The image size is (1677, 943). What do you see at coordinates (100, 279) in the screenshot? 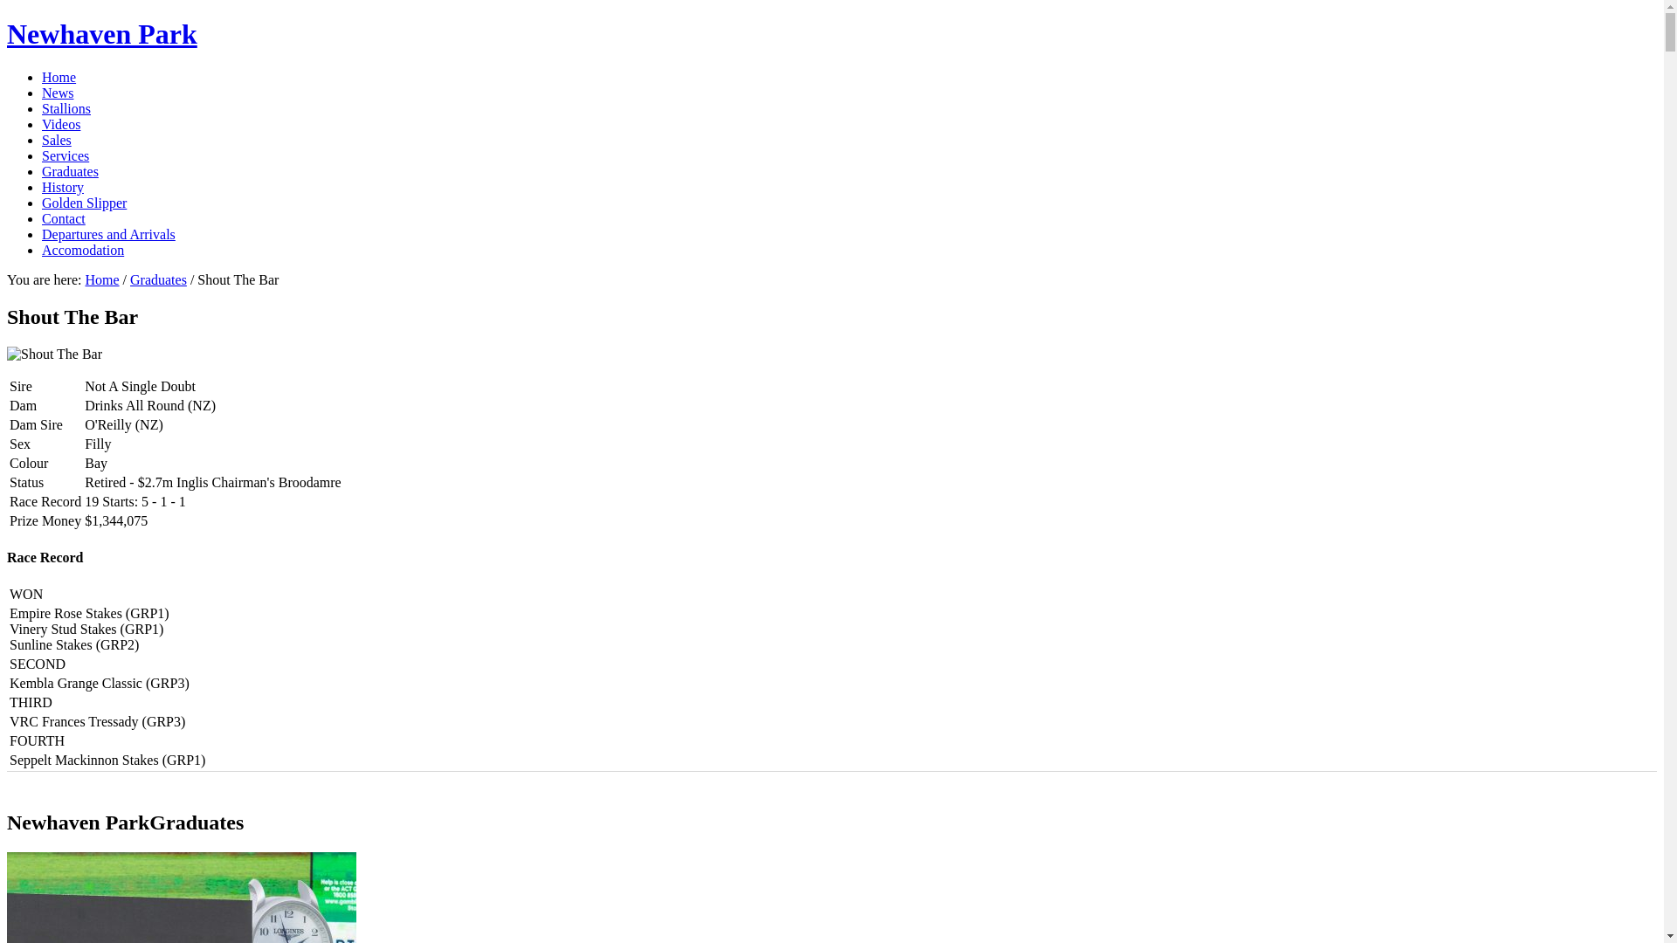
I see `'Home'` at bounding box center [100, 279].